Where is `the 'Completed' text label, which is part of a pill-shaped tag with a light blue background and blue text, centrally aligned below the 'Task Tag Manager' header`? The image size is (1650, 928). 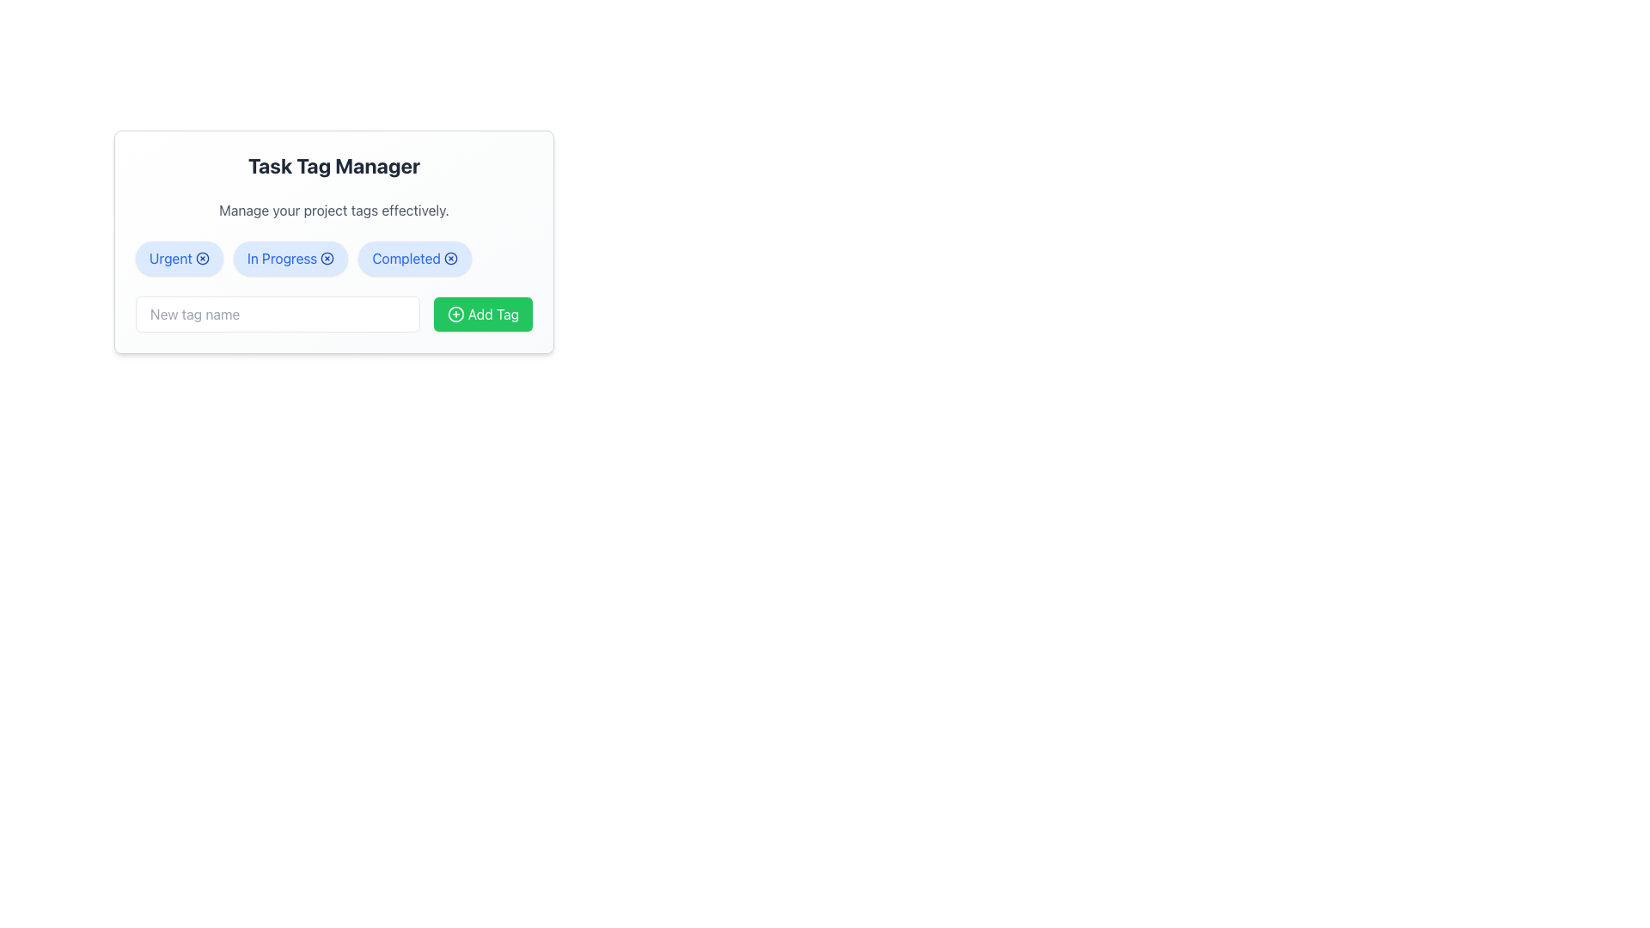
the 'Completed' text label, which is part of a pill-shaped tag with a light blue background and blue text, centrally aligned below the 'Task Tag Manager' header is located at coordinates (406, 258).